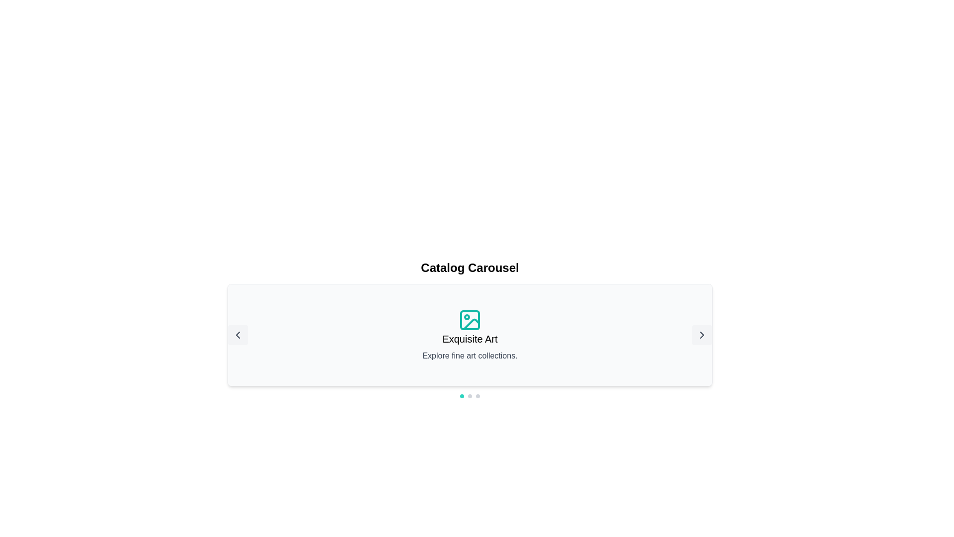 This screenshot has height=537, width=954. Describe the element at coordinates (238, 335) in the screenshot. I see `the Chevron Icon inside the Navigation Button located on the left side of the carousel component` at that location.